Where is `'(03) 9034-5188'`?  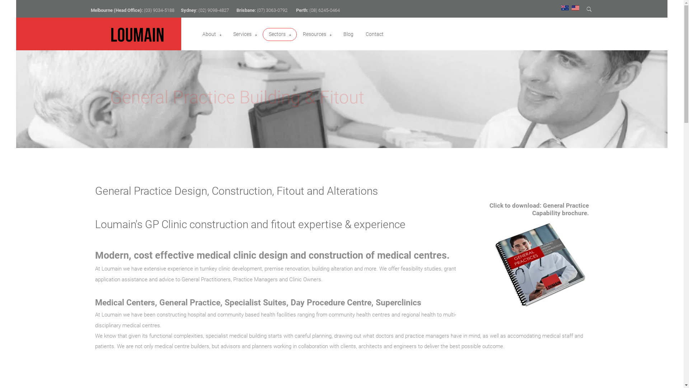
'(03) 9034-5188' is located at coordinates (158, 10).